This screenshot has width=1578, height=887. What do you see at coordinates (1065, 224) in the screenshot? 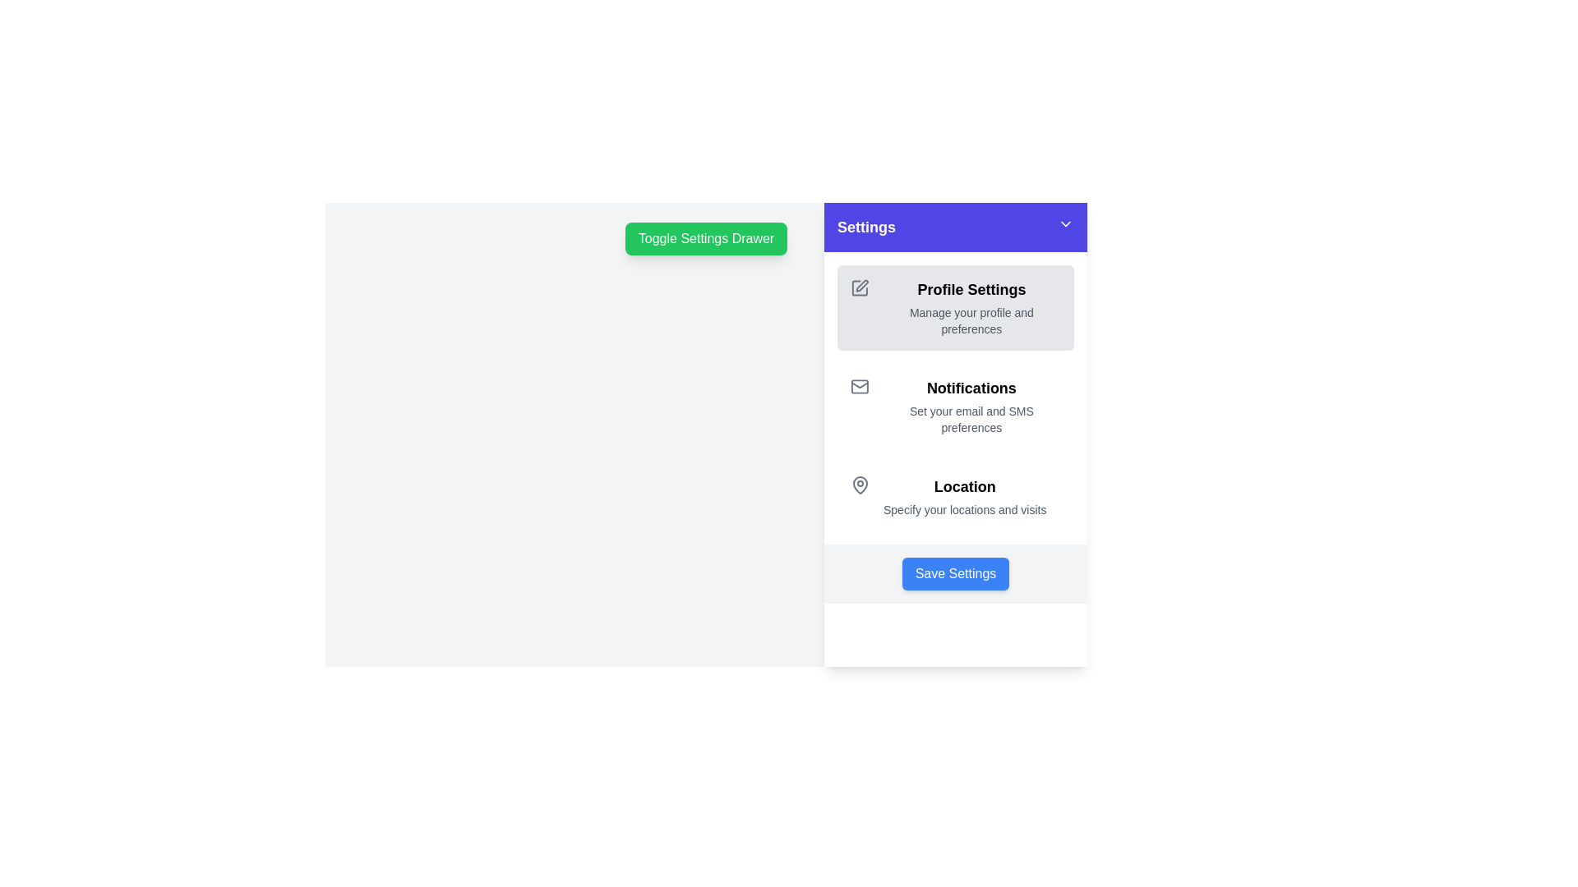
I see `the Chevron indicator icon located at the top-right corner of the header bar of the settings panel` at bounding box center [1065, 224].